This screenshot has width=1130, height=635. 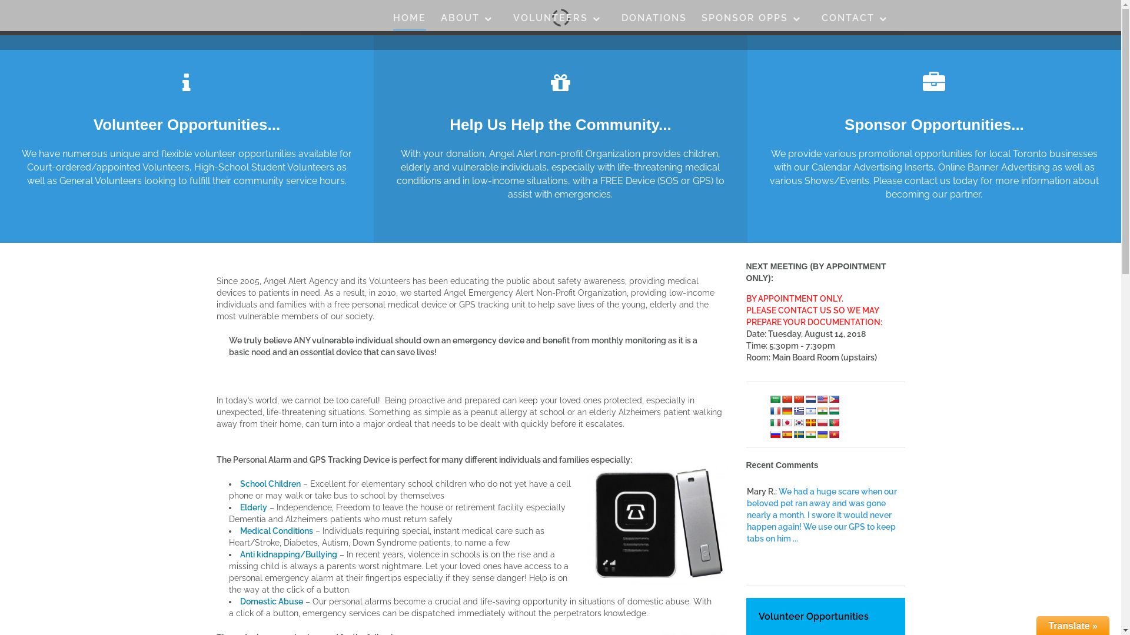 What do you see at coordinates (799, 421) in the screenshot?
I see `'Korean'` at bounding box center [799, 421].